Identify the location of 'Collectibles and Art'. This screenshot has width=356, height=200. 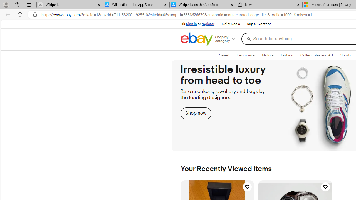
(317, 55).